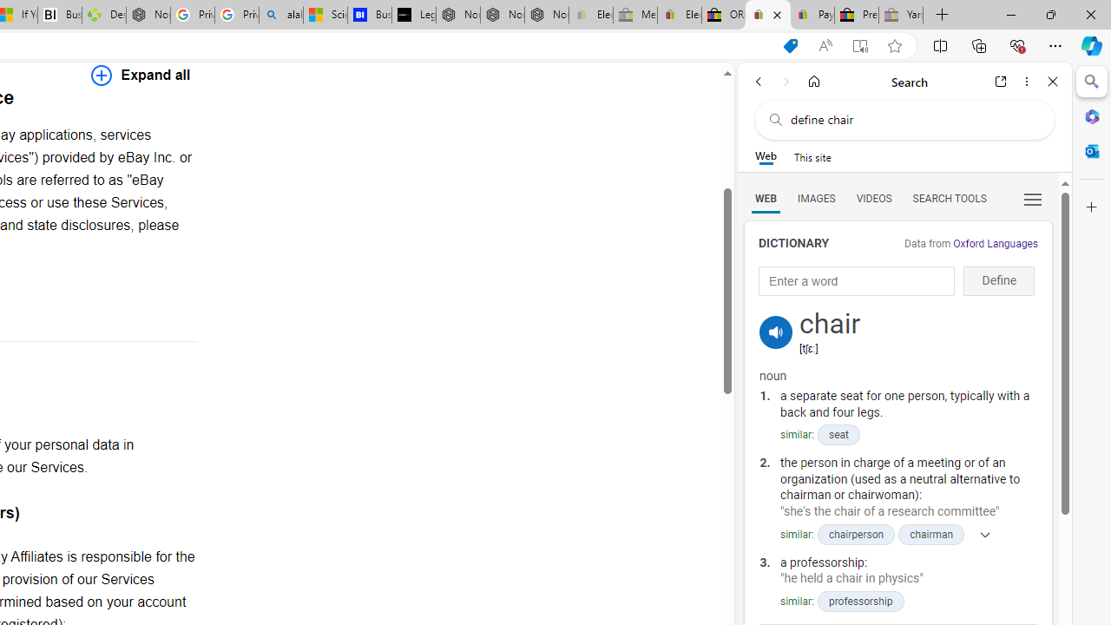 The image size is (1111, 625). I want to click on 'alabama high school quarterback dies - Search', so click(281, 15).